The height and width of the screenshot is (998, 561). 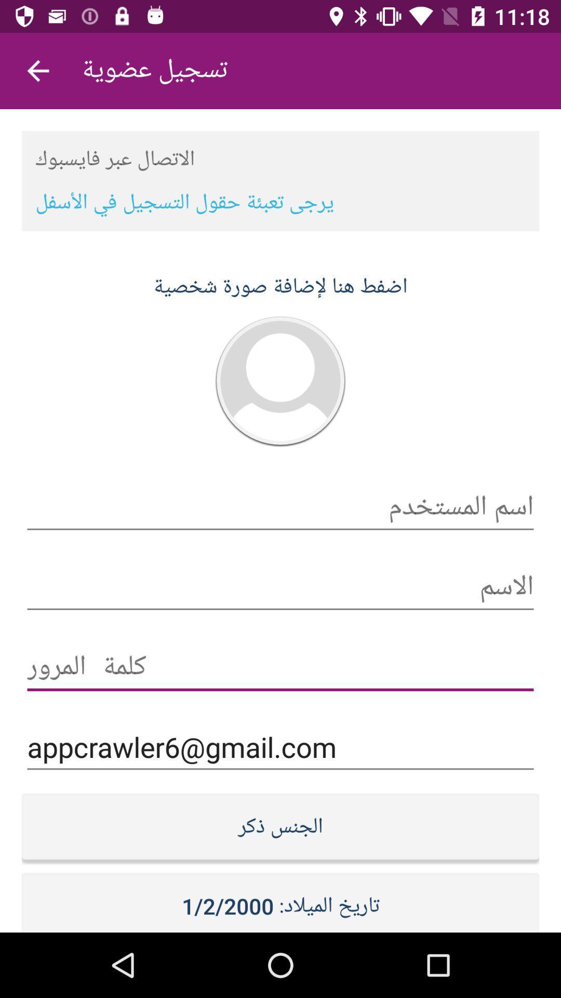 I want to click on the item below grace icon, so click(x=280, y=746).